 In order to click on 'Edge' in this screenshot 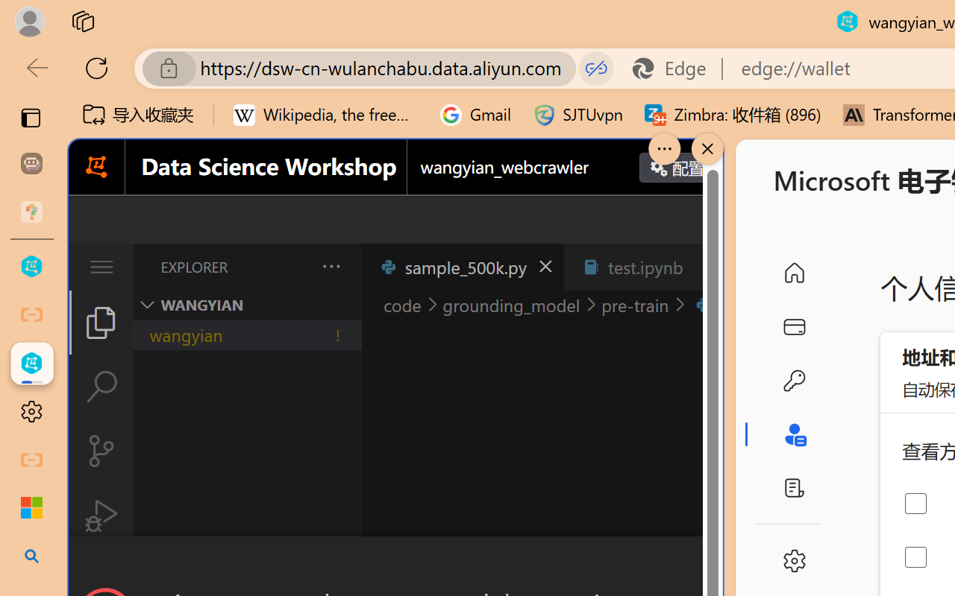, I will do `click(675, 68)`.